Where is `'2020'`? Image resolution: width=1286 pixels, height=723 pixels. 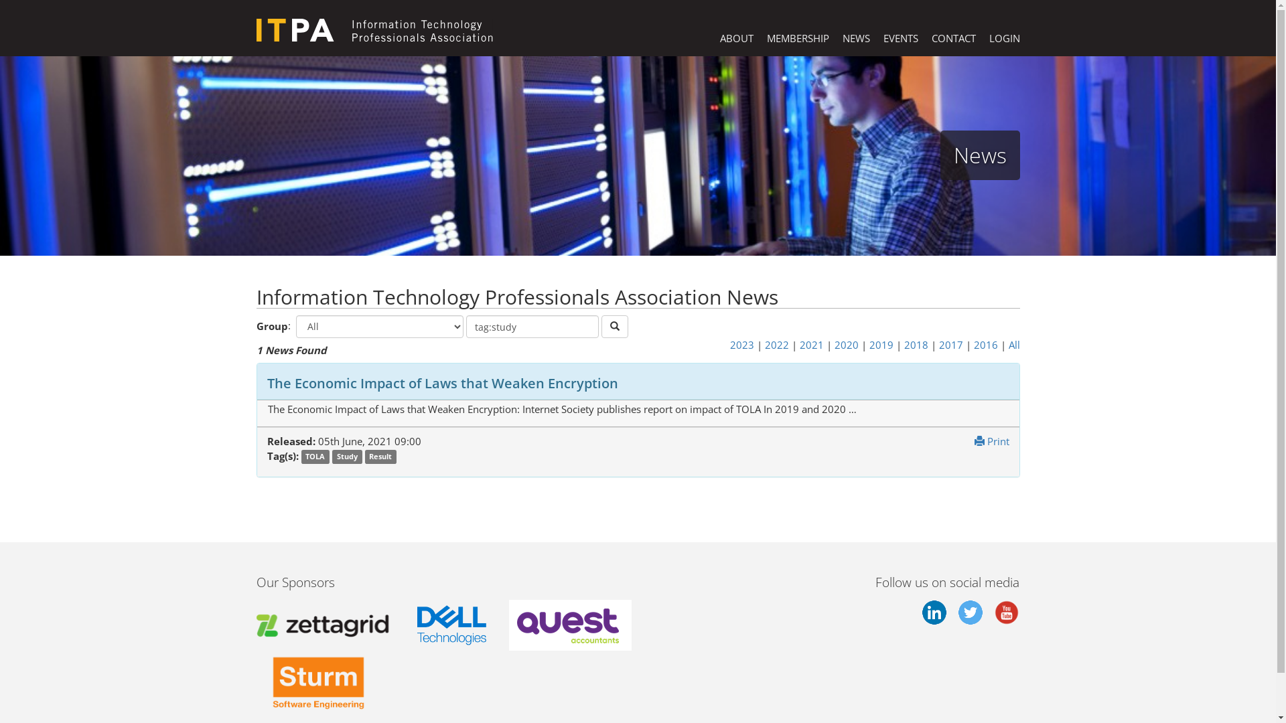 '2020' is located at coordinates (845, 344).